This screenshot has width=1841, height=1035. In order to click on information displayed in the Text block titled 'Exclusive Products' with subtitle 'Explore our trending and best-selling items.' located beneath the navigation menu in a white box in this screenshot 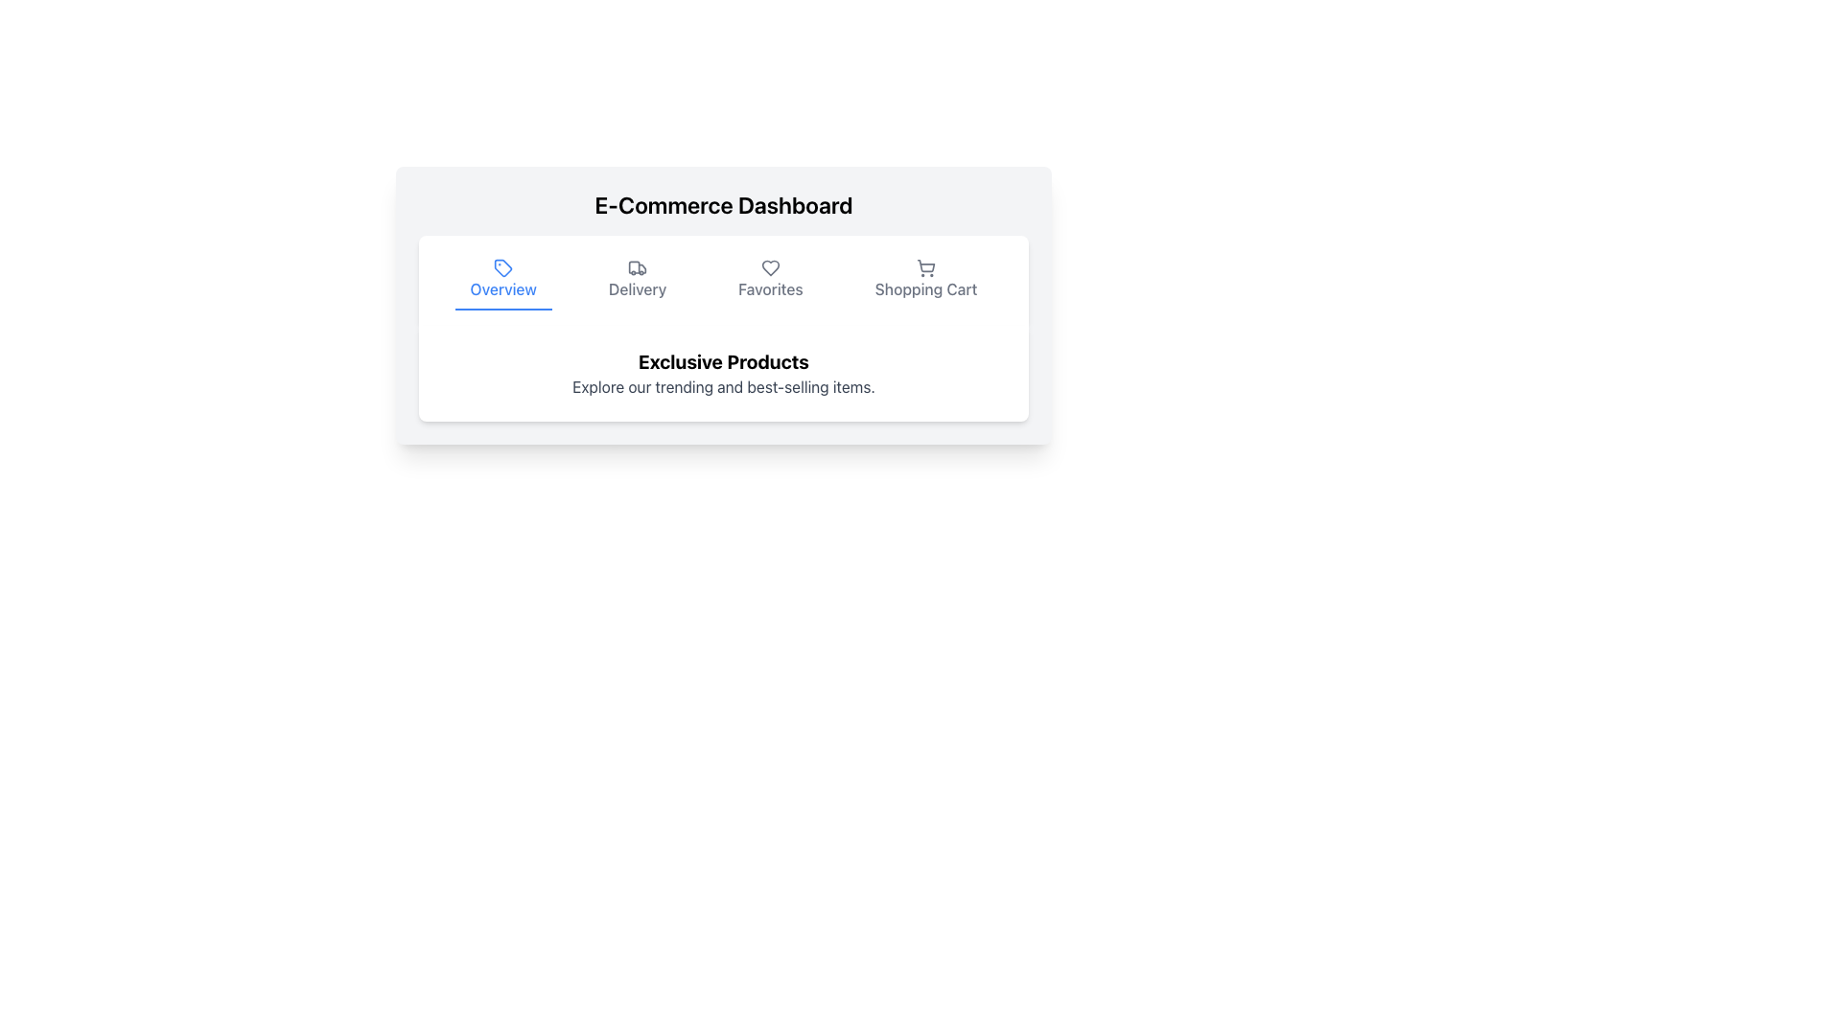, I will do `click(722, 373)`.